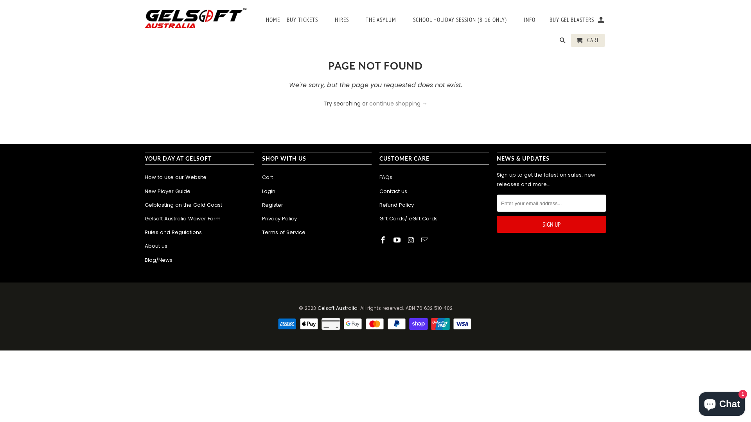  What do you see at coordinates (588, 40) in the screenshot?
I see `'CART'` at bounding box center [588, 40].